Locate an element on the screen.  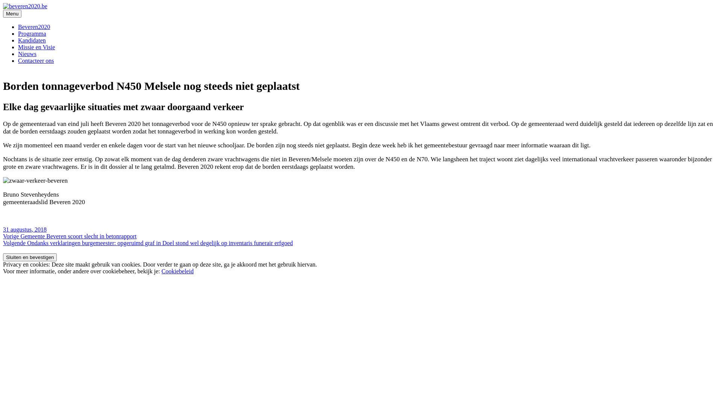
'Cookiebeleid' is located at coordinates (177, 271).